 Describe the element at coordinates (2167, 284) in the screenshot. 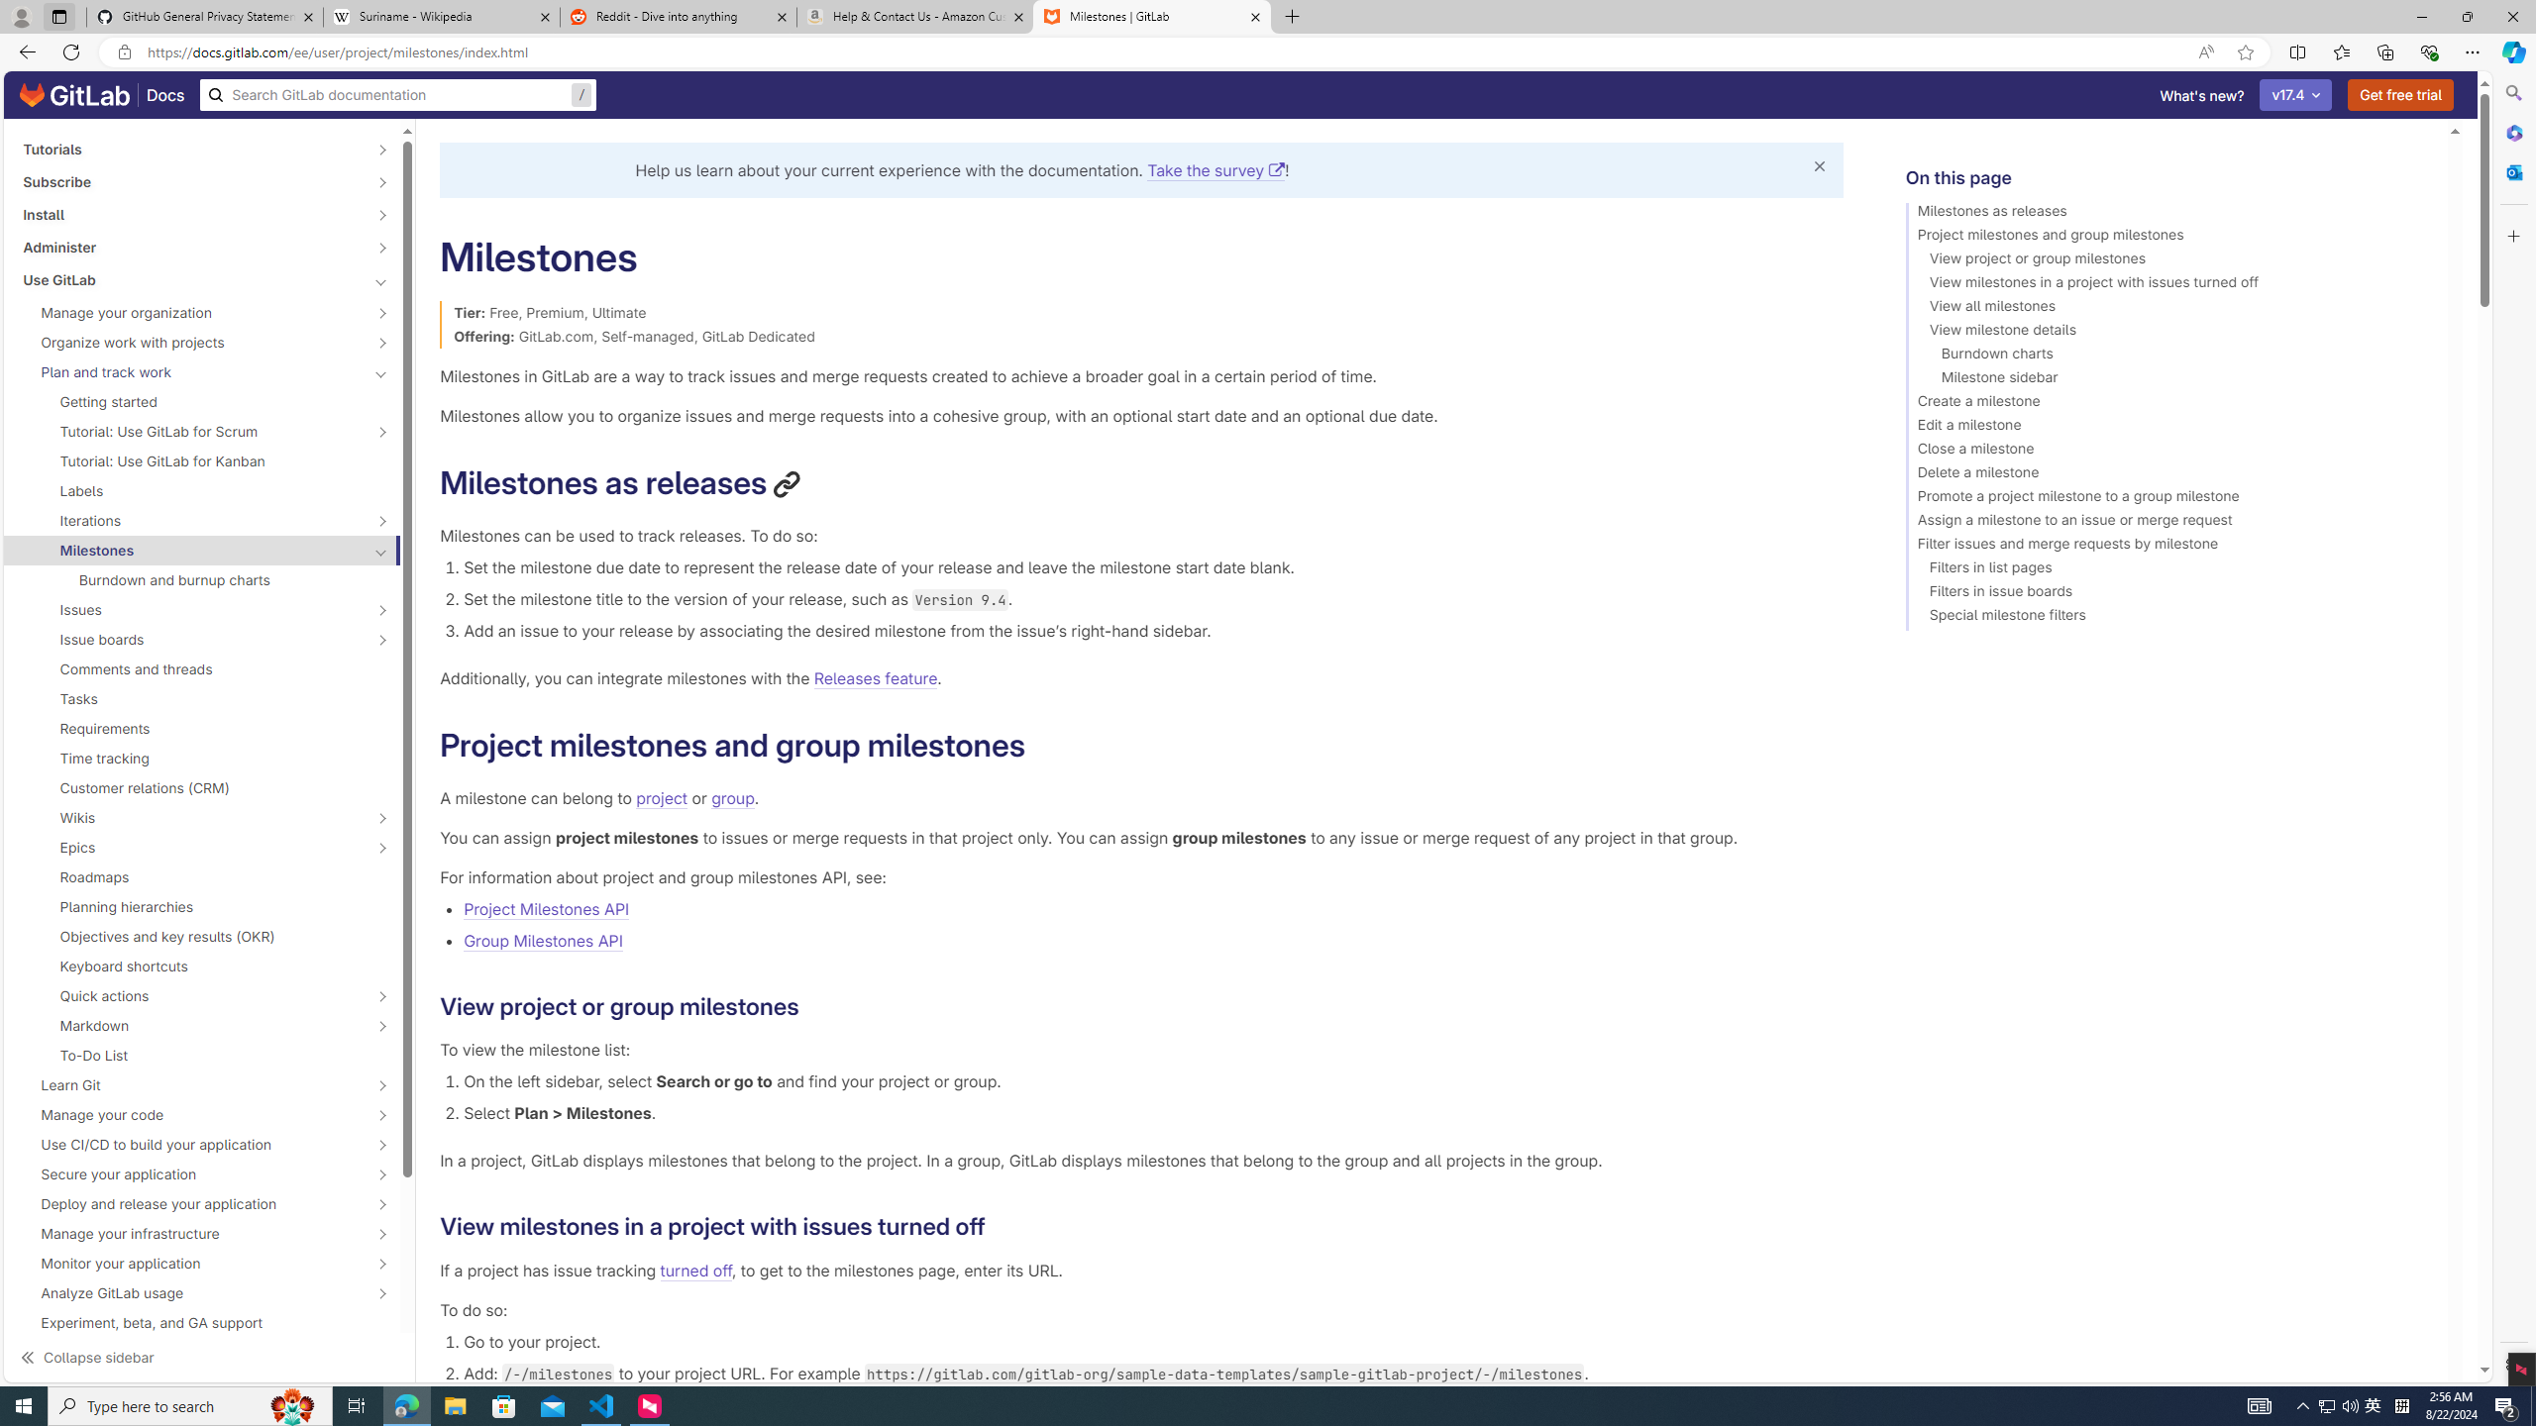

I see `'View milestones in a project with issues turned off'` at that location.